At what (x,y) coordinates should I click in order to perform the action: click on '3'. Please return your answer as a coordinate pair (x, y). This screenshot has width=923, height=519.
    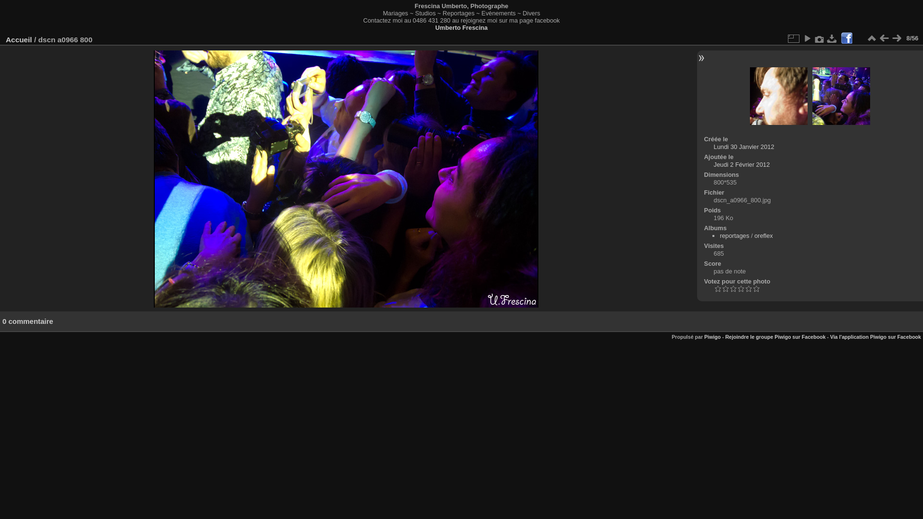
    Looking at the image, I should click on (740, 288).